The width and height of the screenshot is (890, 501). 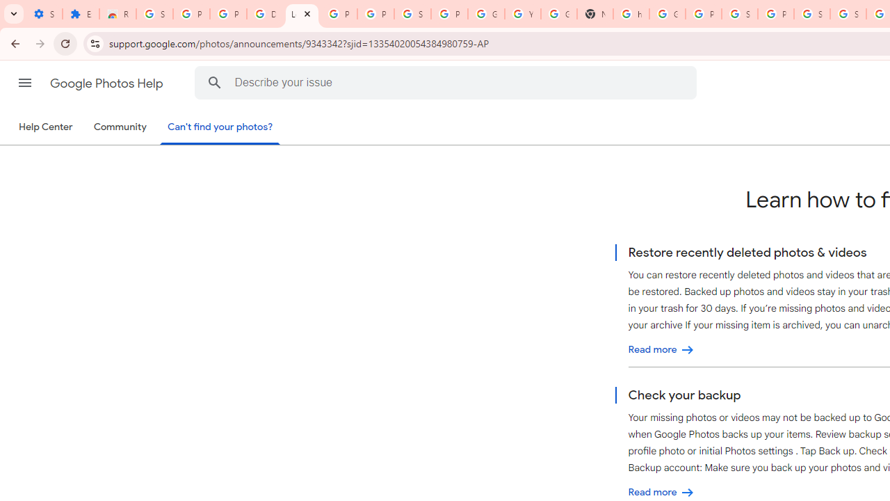 I want to click on 'Describe your issue', so click(x=448, y=82).